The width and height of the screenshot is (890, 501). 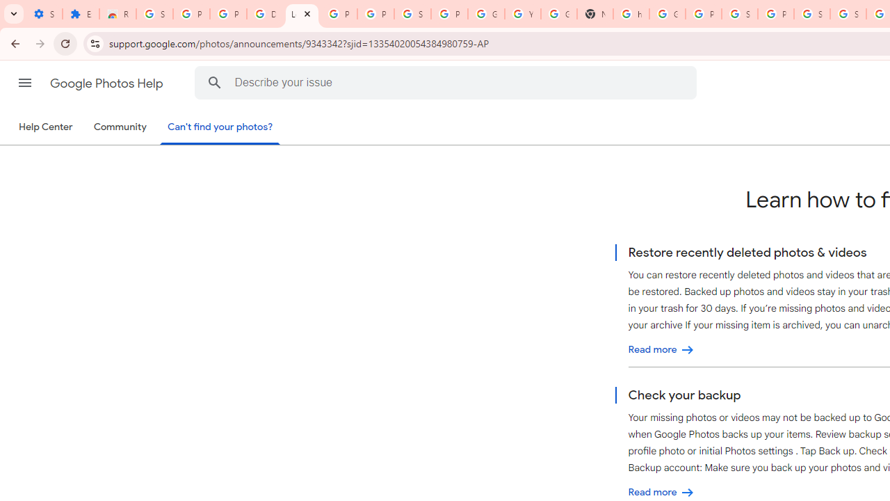 I want to click on 'Describe your issue', so click(x=448, y=82).